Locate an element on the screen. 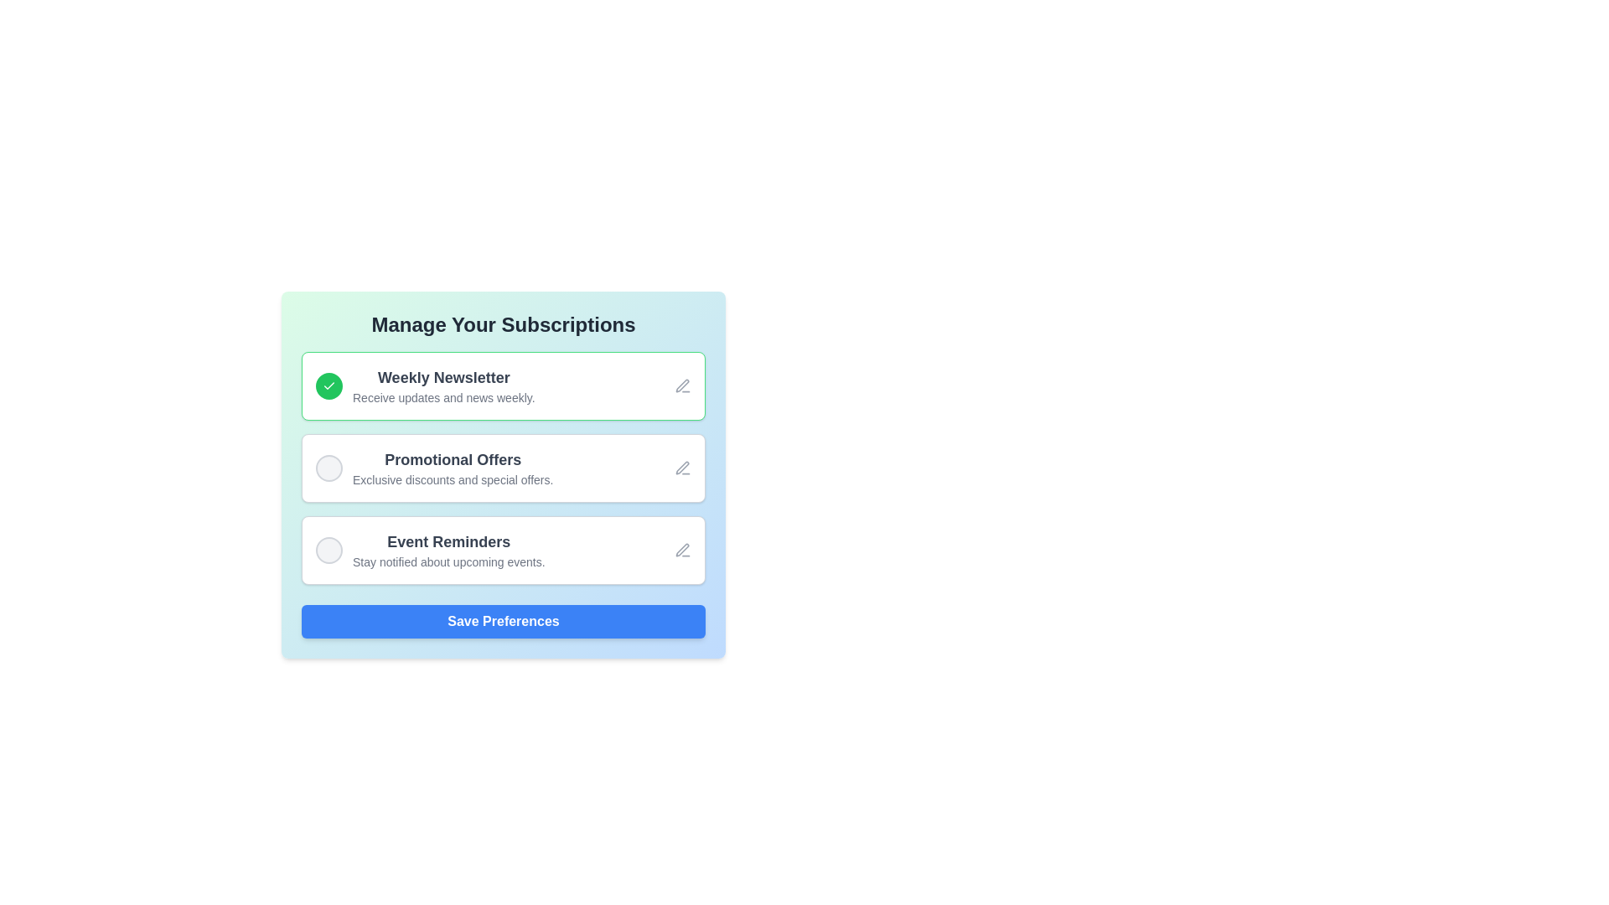  descriptive text label 'Weekly Newsletter' and its subtitle 'Receive updates and news weekly' which is the first item in the subscription options list, positioned below 'Manage Your Subscriptions.' is located at coordinates (443, 386).